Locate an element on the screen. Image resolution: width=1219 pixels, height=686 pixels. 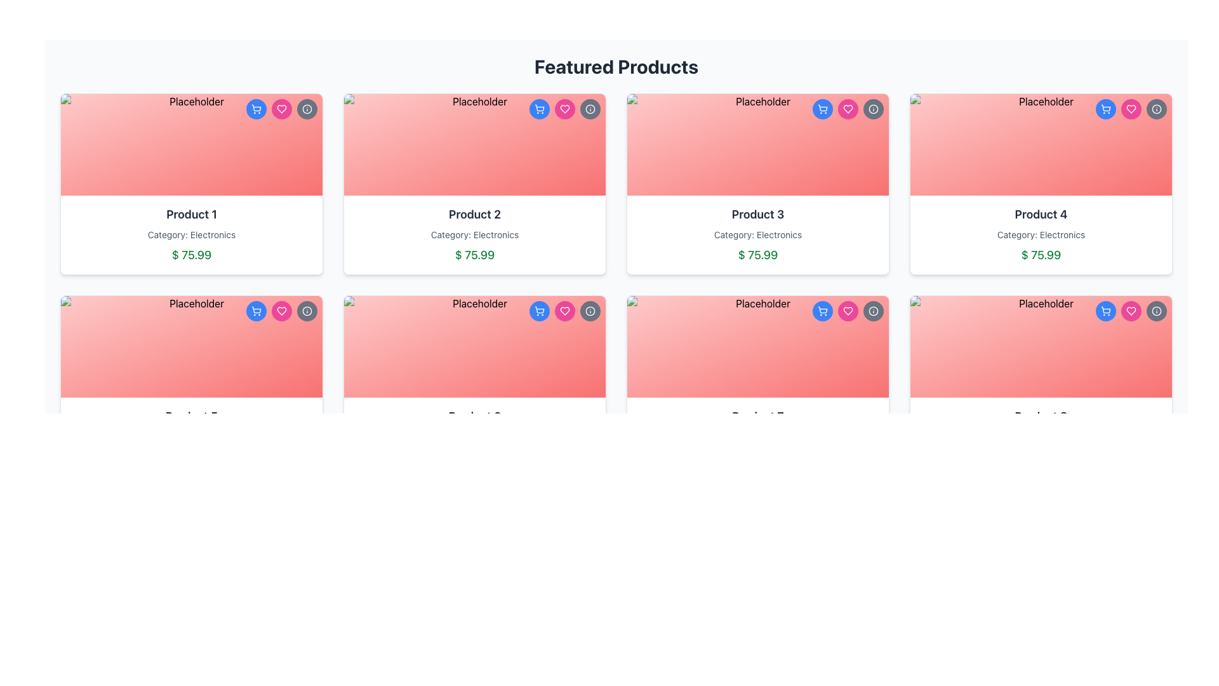
the favorite button located in the middle of the three buttons at the top-right corner of the 'Product 2' card is located at coordinates (564, 109).